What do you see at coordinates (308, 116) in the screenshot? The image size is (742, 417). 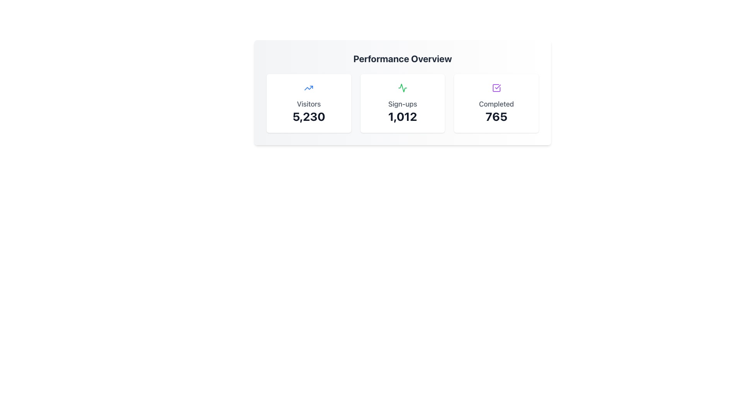 I see `the prominent text display showing the number '5,230', which is located directly below the 'Visitors' label in the leftmost panel of the three-panel grid` at bounding box center [308, 116].